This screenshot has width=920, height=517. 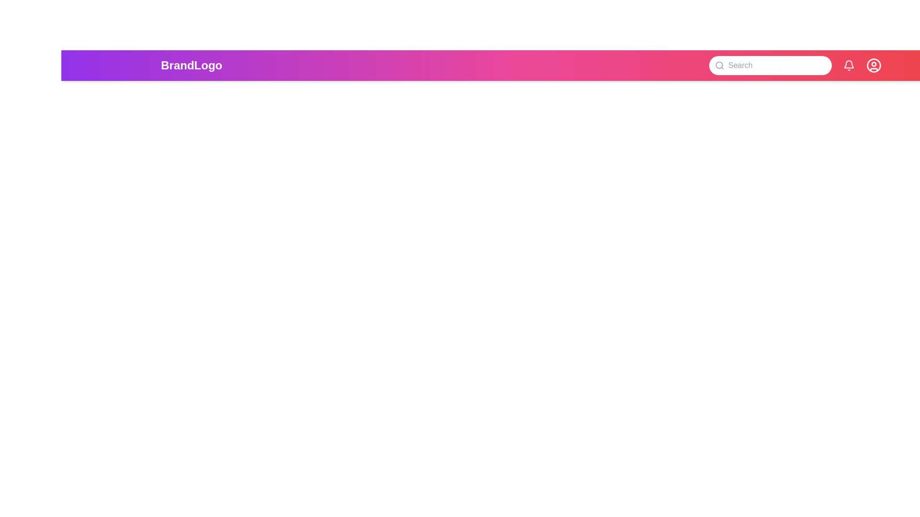 I want to click on the magnifying glass icon, which is light gray and, so click(x=720, y=65).